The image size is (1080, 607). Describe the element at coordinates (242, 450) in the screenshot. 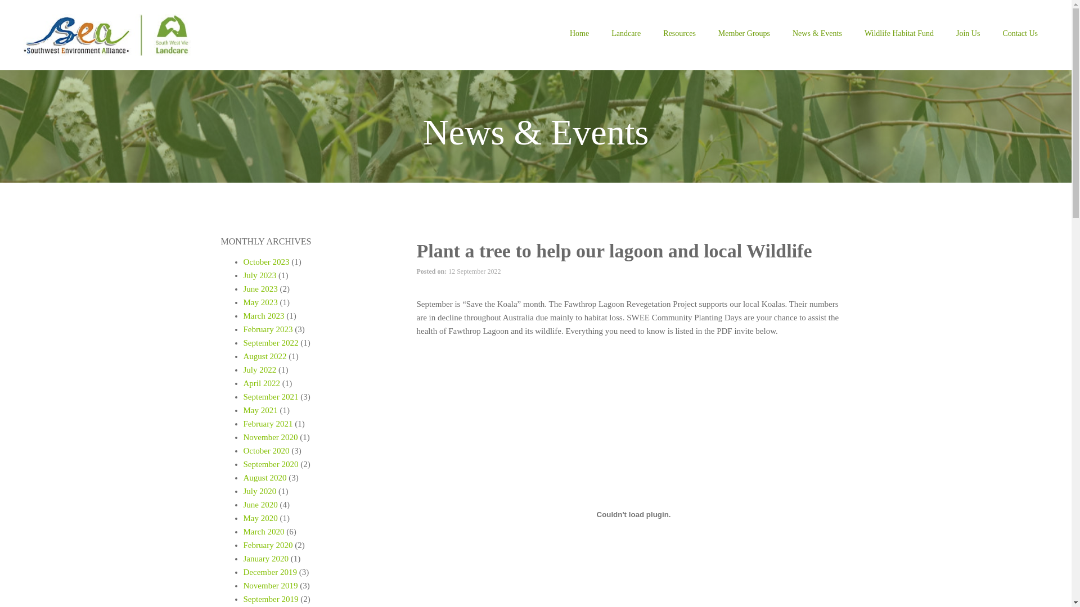

I see `'October 2020'` at that location.